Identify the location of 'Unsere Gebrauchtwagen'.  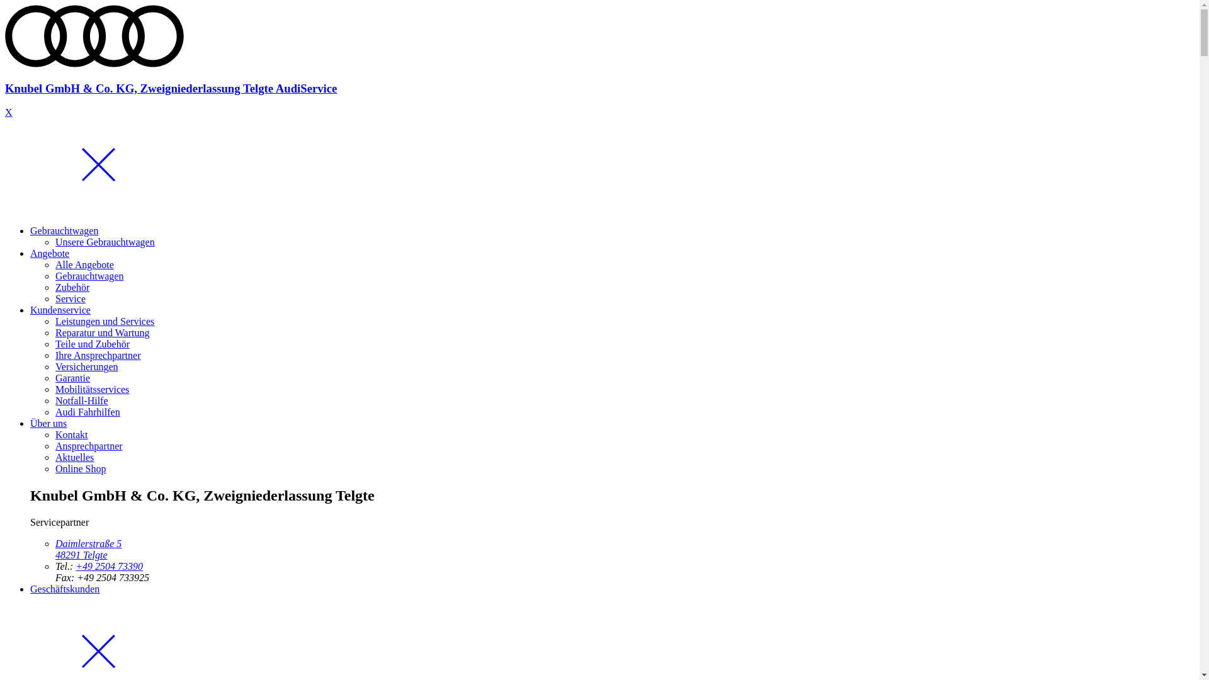
(54, 242).